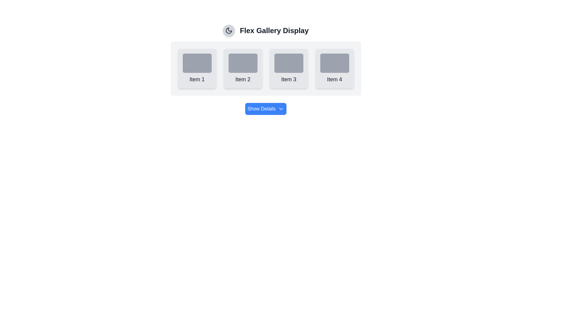 This screenshot has width=579, height=325. Describe the element at coordinates (334, 79) in the screenshot. I see `text content of the descriptive label associated with the fourth gallery card, which is located at the bottom section of the card and is centered below the placeholder image` at that location.